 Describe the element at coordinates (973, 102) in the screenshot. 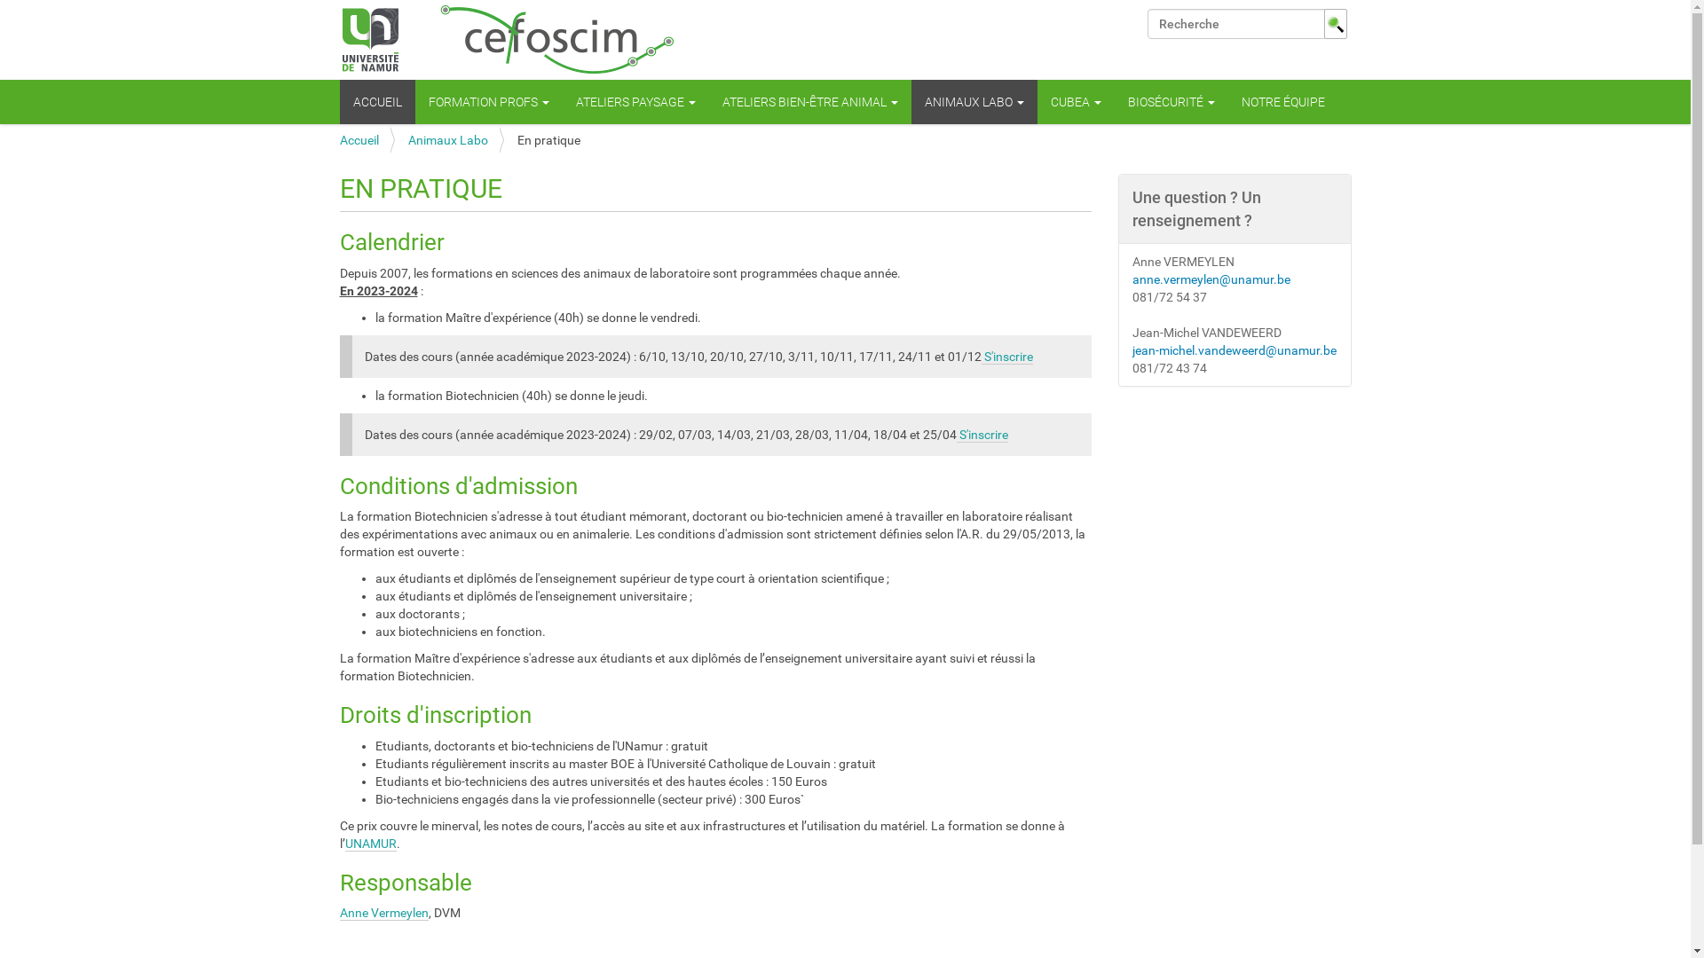

I see `'ANIMAUX LABO'` at that location.